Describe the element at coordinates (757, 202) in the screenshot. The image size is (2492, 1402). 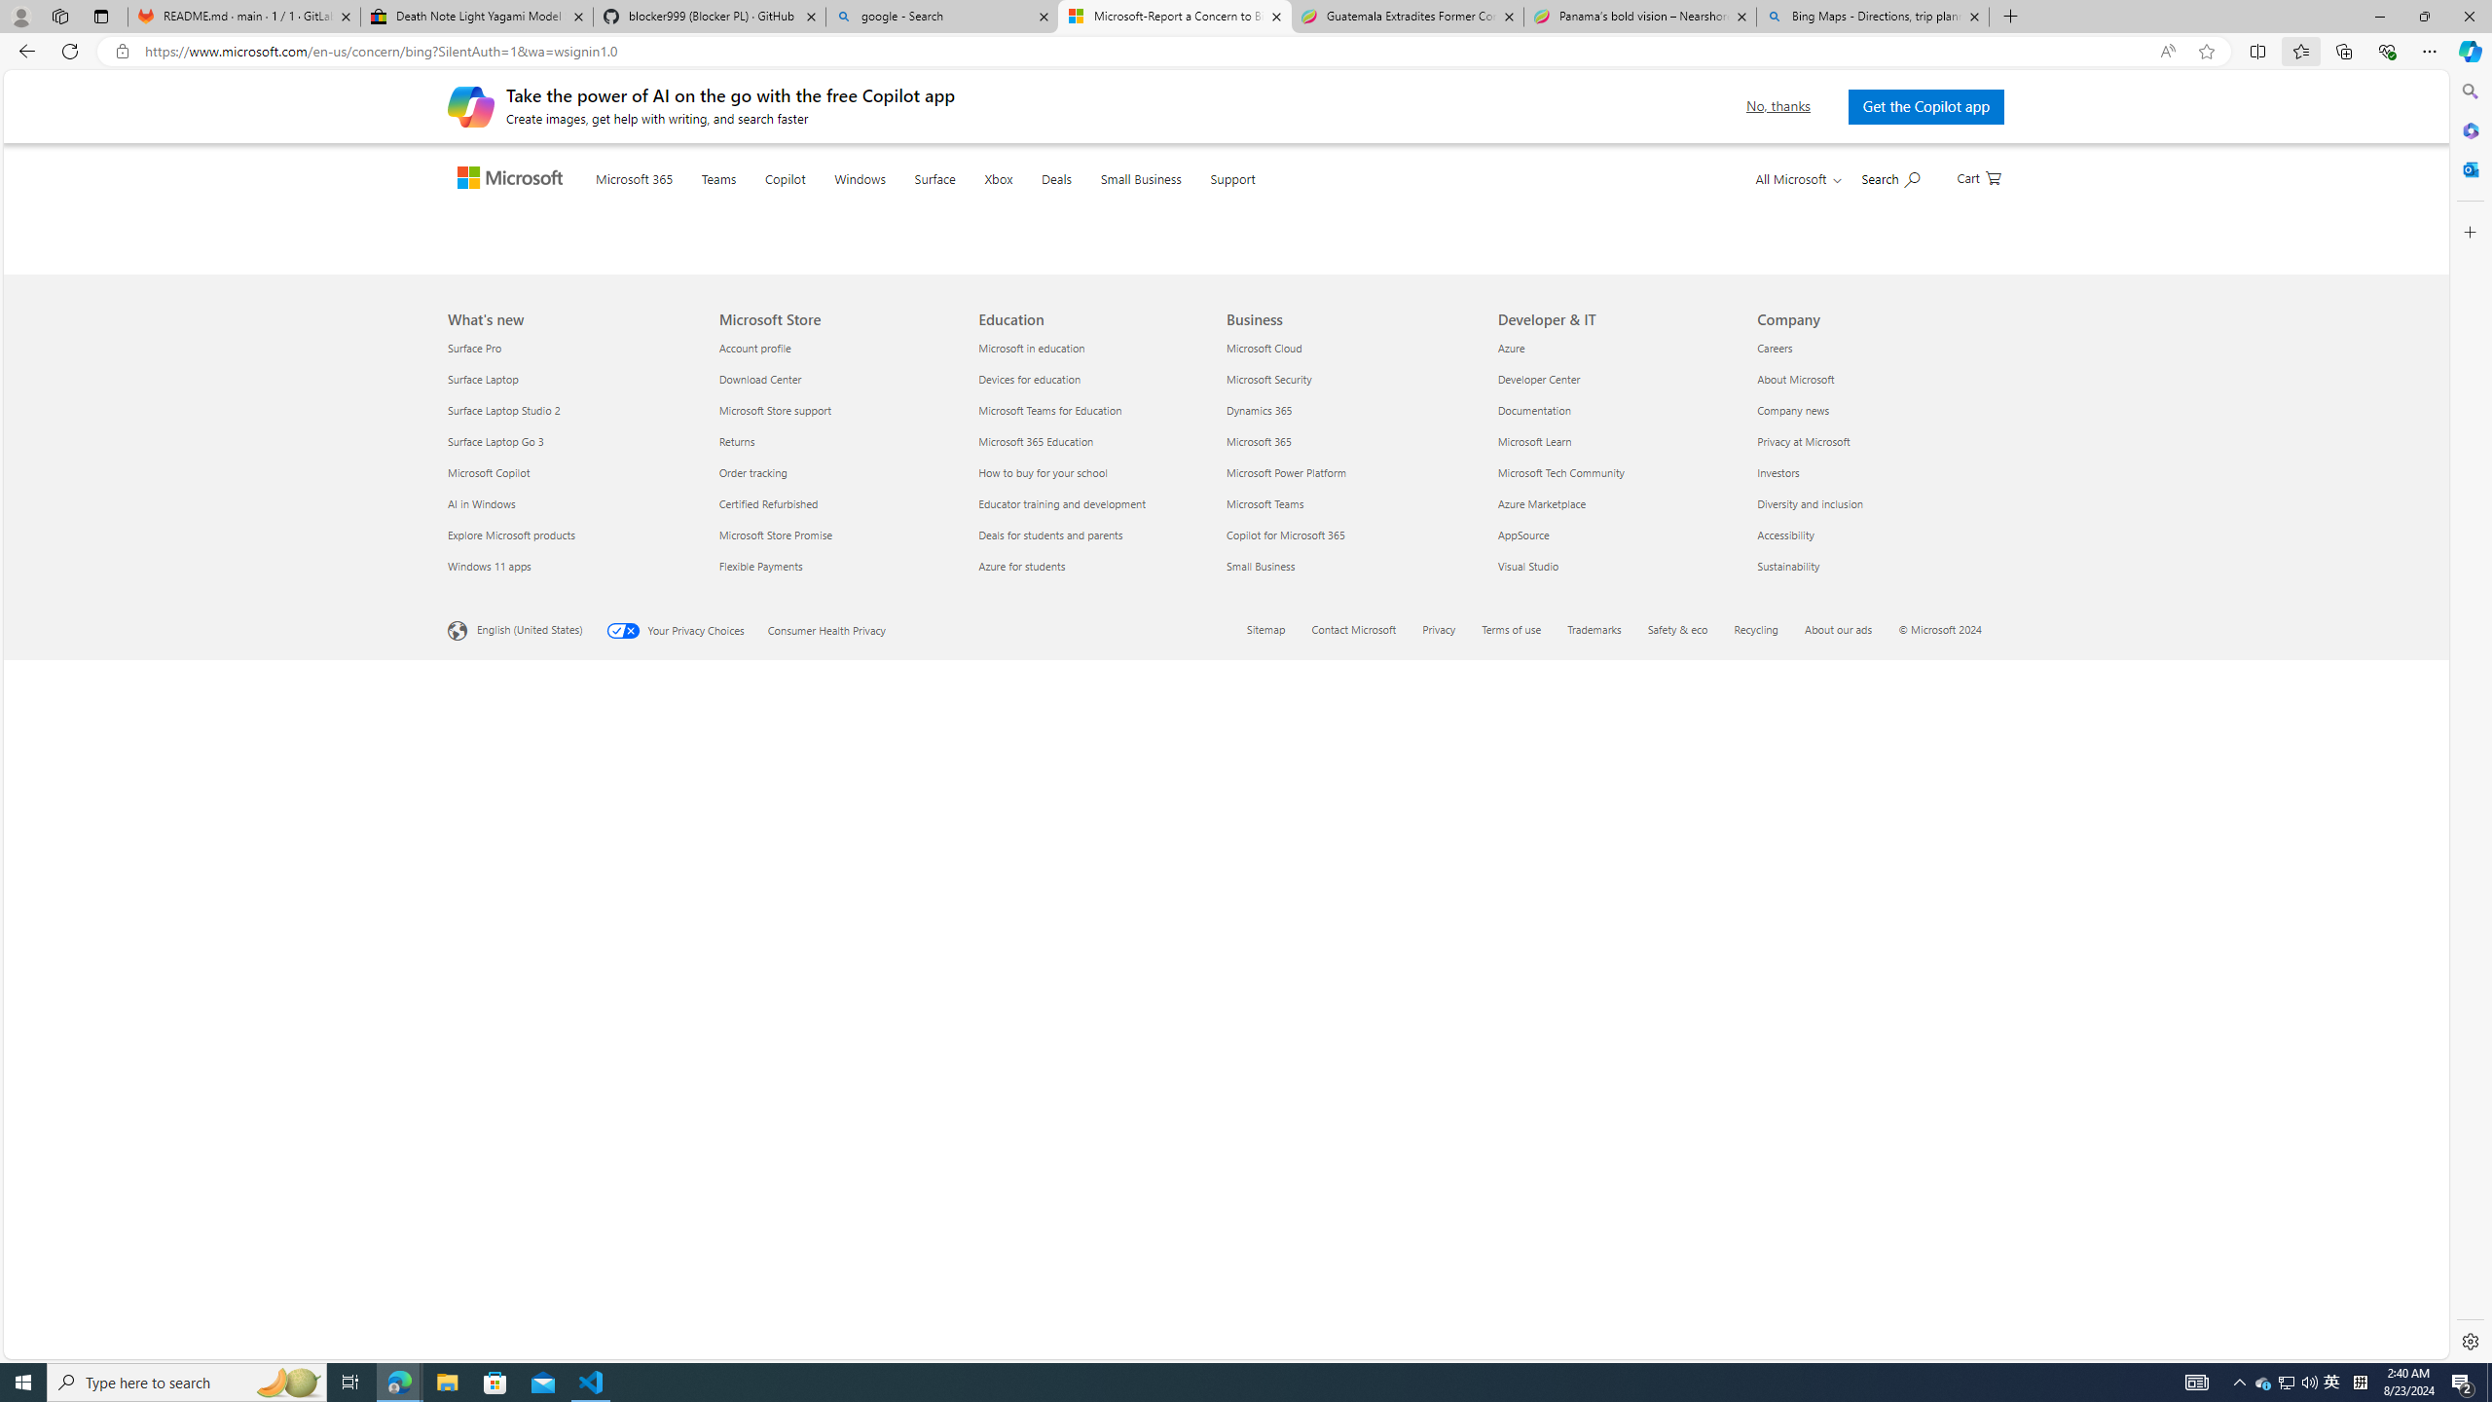
I see `'Teams'` at that location.